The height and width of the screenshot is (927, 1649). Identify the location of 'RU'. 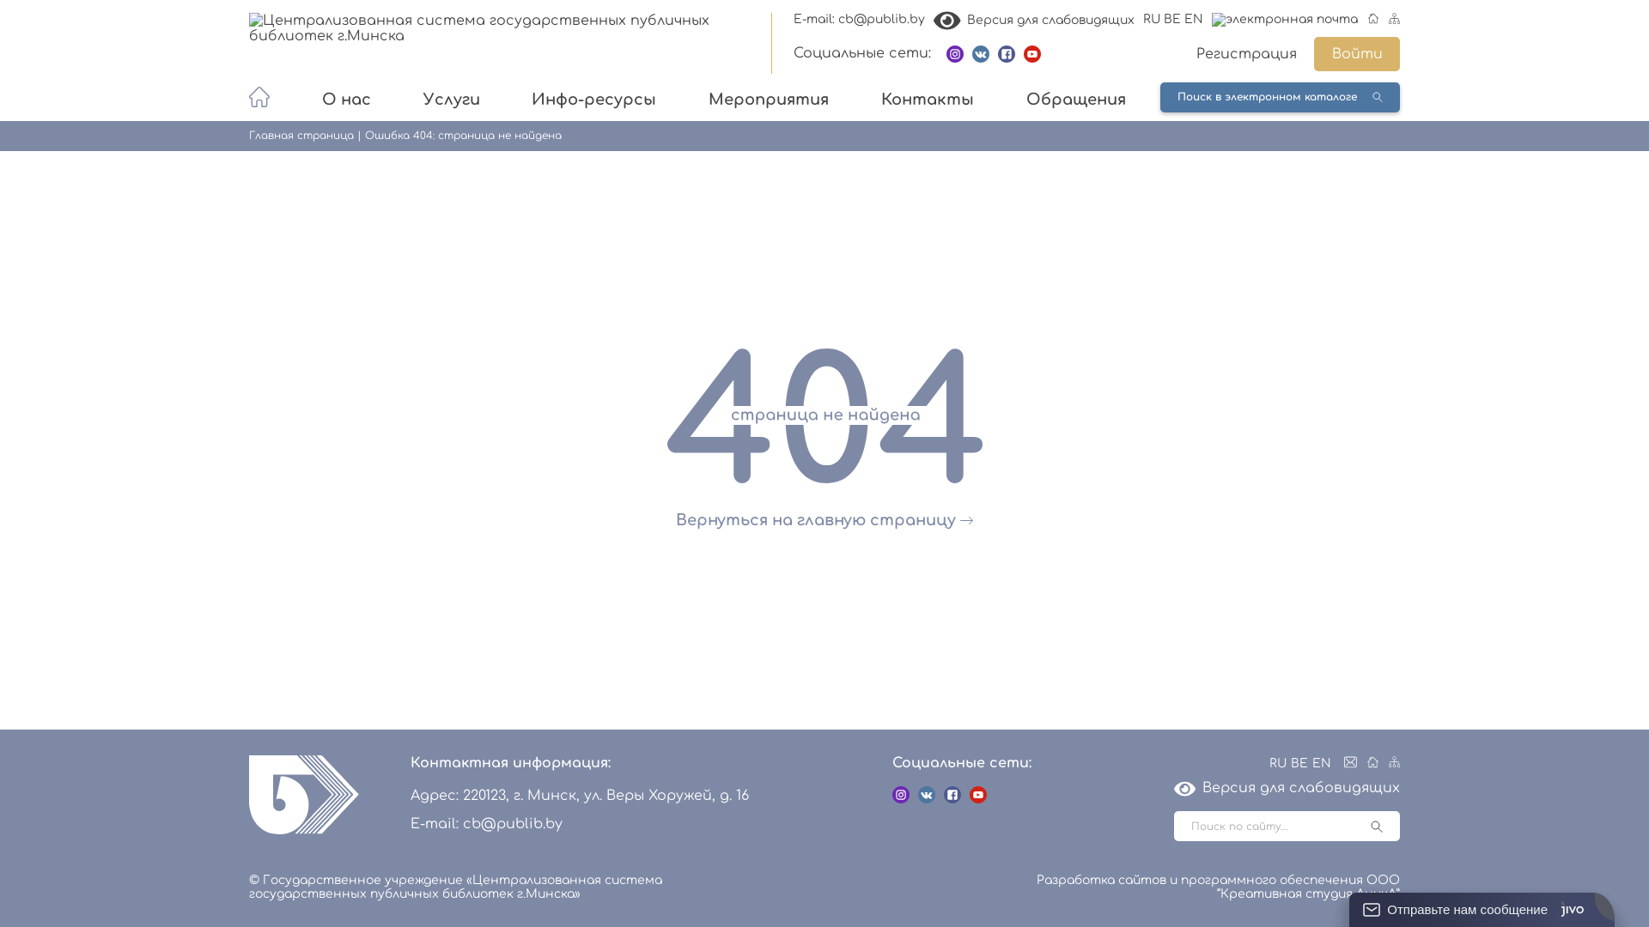
(1269, 762).